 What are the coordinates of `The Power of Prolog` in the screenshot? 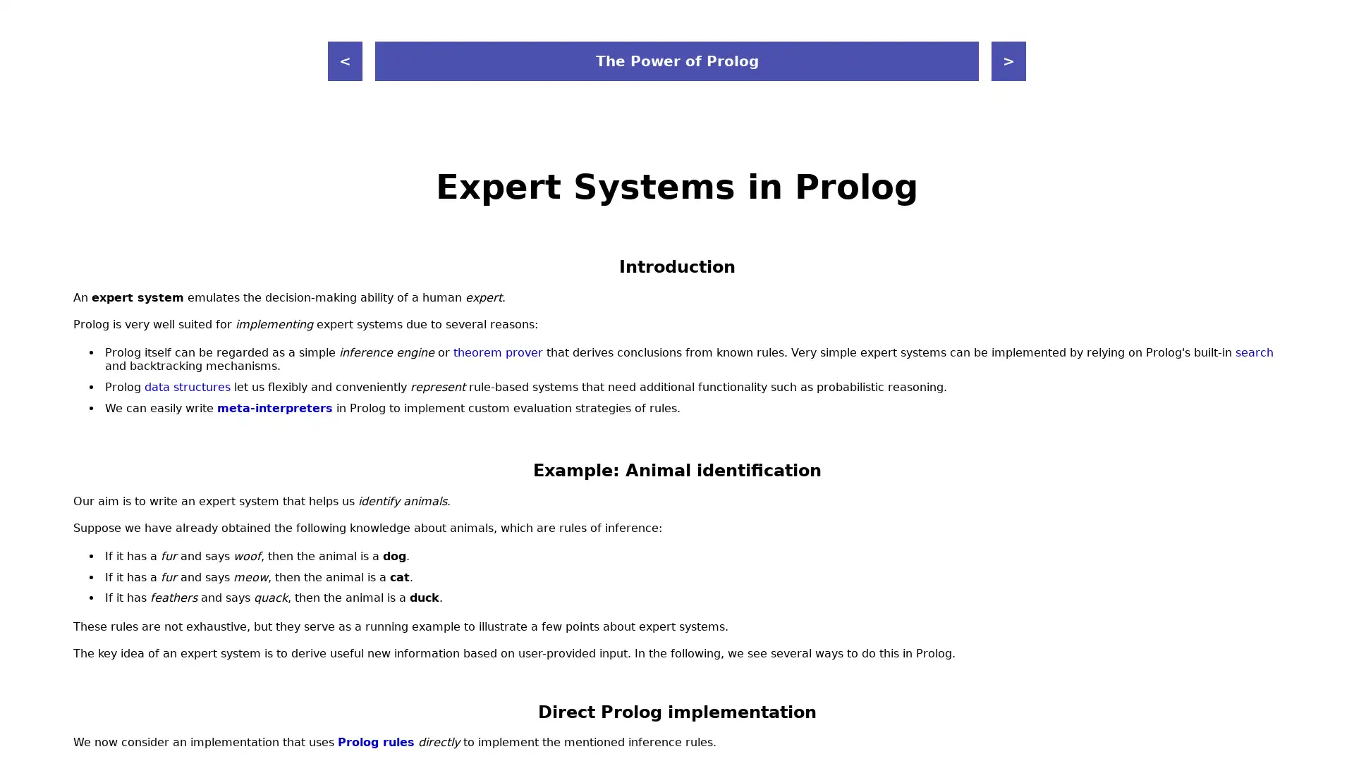 It's located at (677, 61).